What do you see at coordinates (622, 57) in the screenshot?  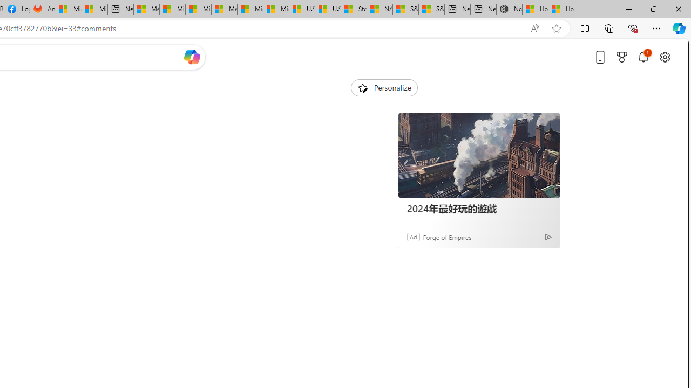 I see `'Microsoft rewards'` at bounding box center [622, 57].